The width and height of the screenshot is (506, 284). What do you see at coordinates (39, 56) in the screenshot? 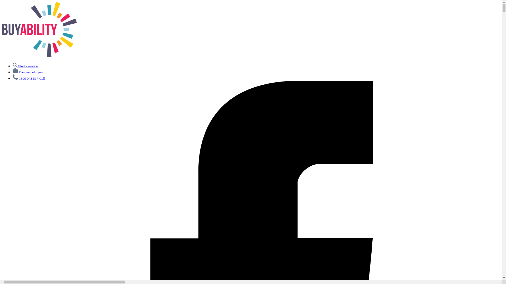
I see `'BuyAbility - Social Procurement Specialists'` at bounding box center [39, 56].